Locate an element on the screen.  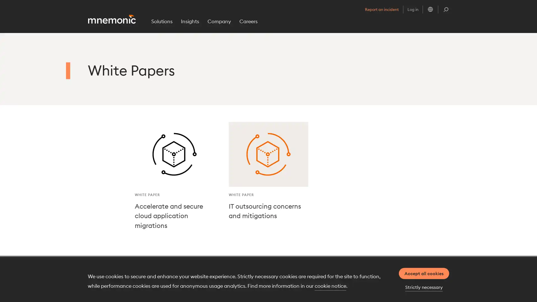
Accept all cookies is located at coordinates (424, 273).